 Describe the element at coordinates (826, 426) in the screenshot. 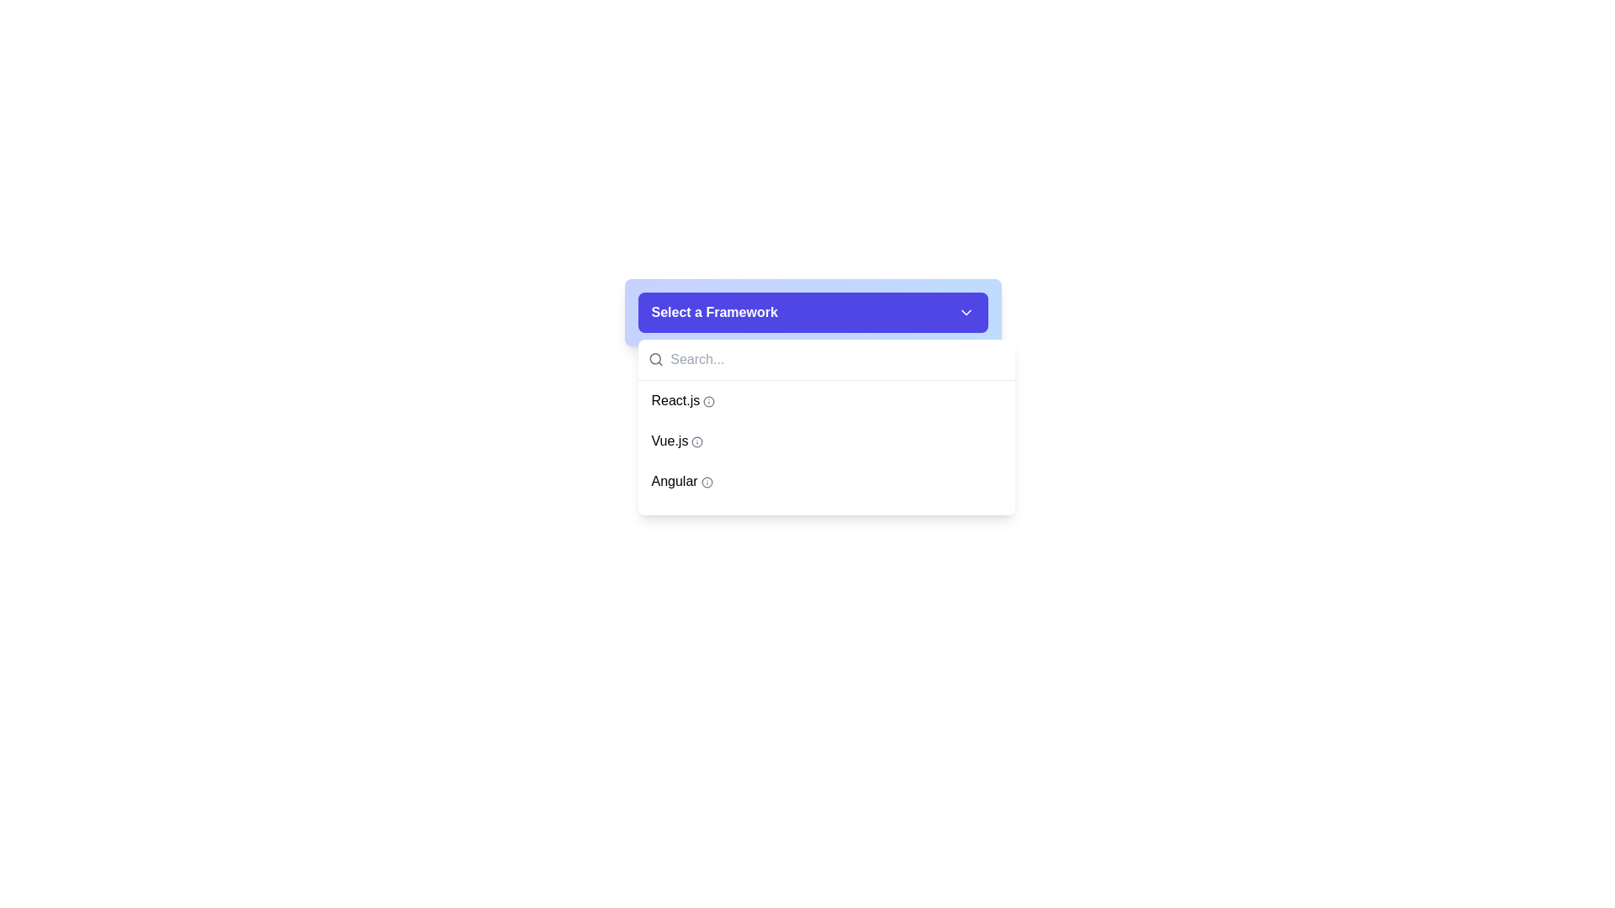

I see `the Dropdown menu located below the 'Select a Framework' button` at that location.